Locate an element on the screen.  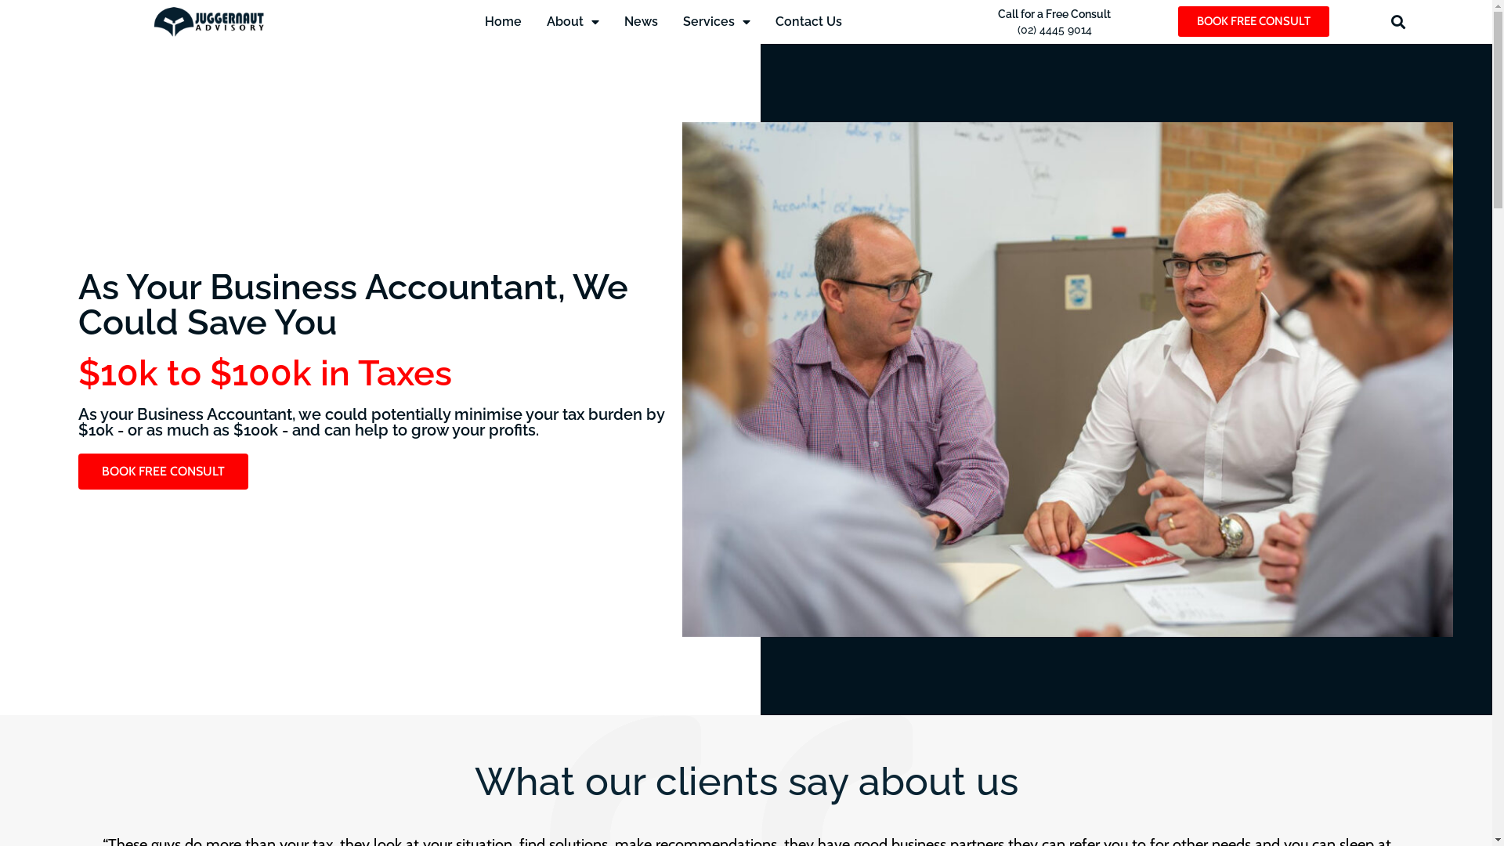
'News' is located at coordinates (641, 21).